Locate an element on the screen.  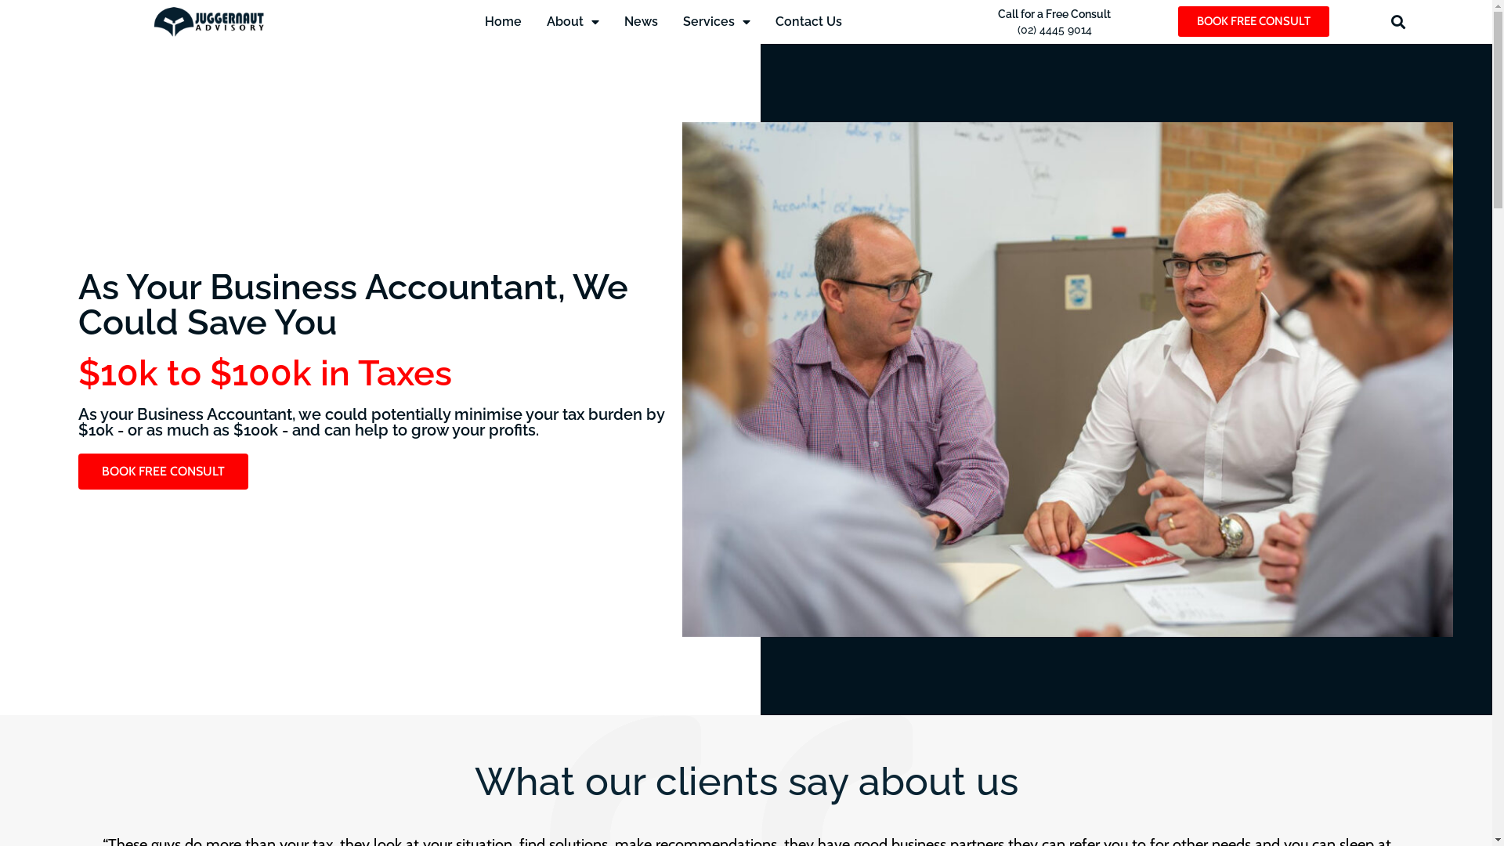
'News' is located at coordinates (641, 21).